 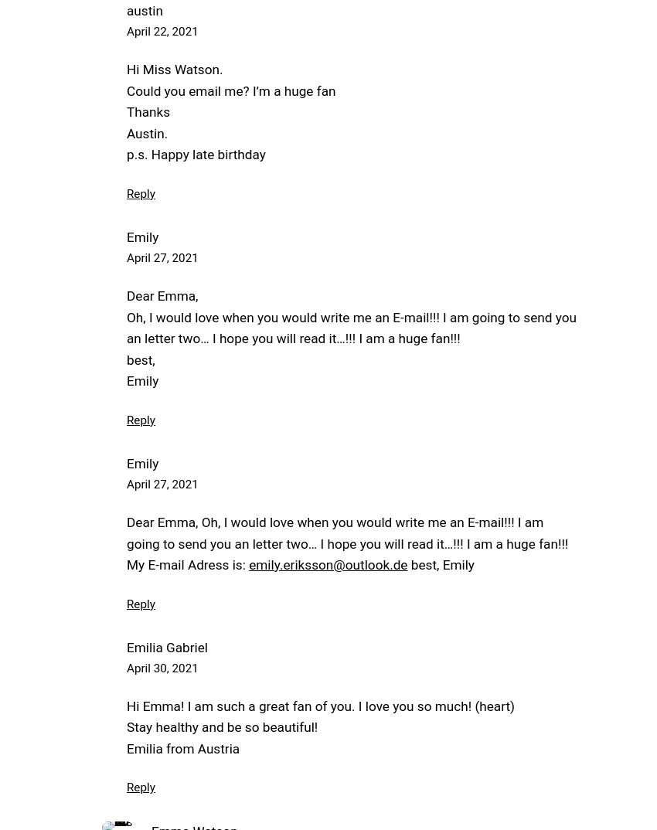 I want to click on 'Dear Emma,', so click(x=162, y=295).